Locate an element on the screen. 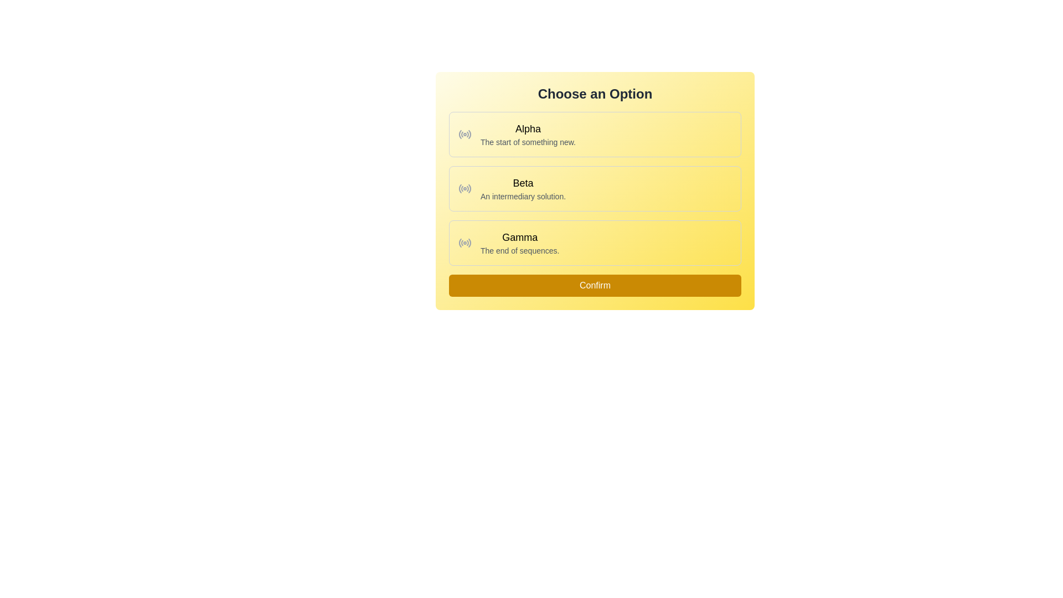 The height and width of the screenshot is (598, 1063). the SVG icon representing the 'Gamma' option, which is positioned in the third option card to the left of the text 'Gamma' and 'The end of sequences.' is located at coordinates (465, 243).